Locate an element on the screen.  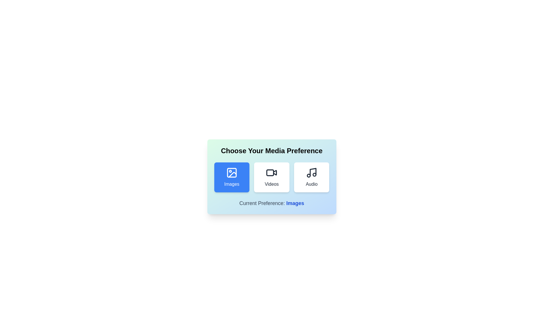
the media preference option Images is located at coordinates (232, 177).